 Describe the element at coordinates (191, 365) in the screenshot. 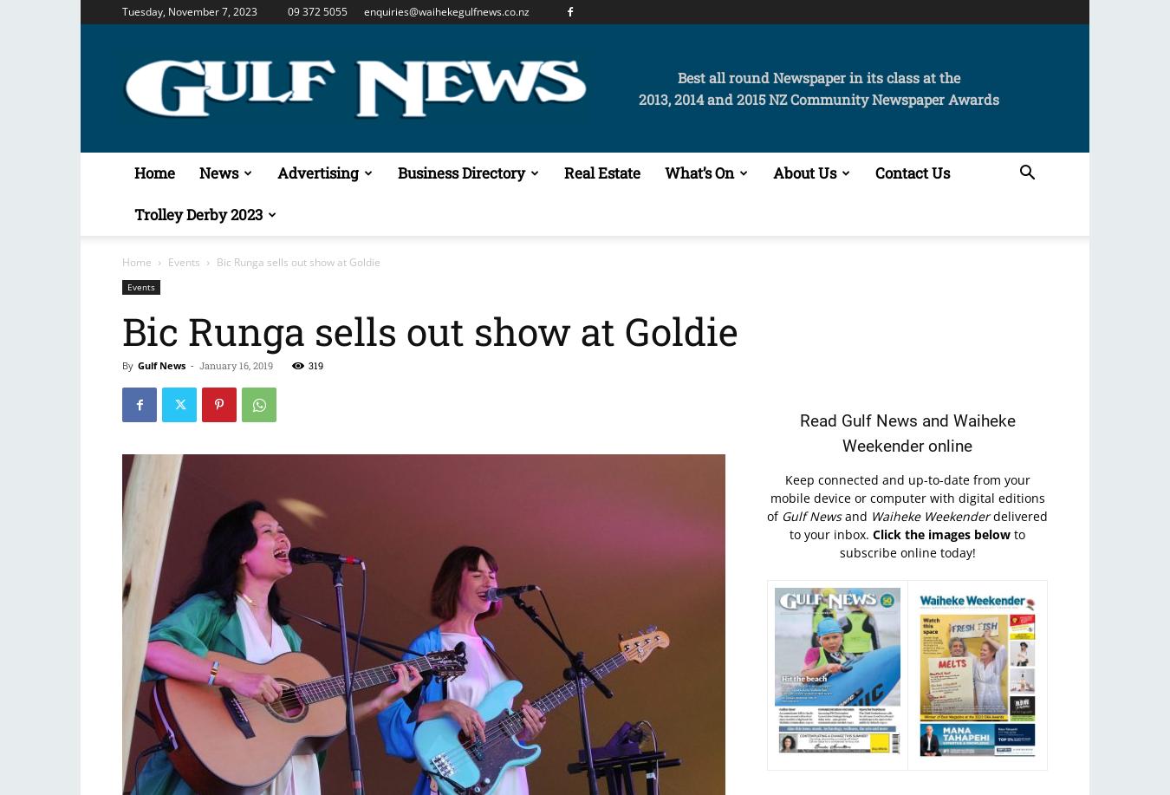

I see `'-'` at that location.